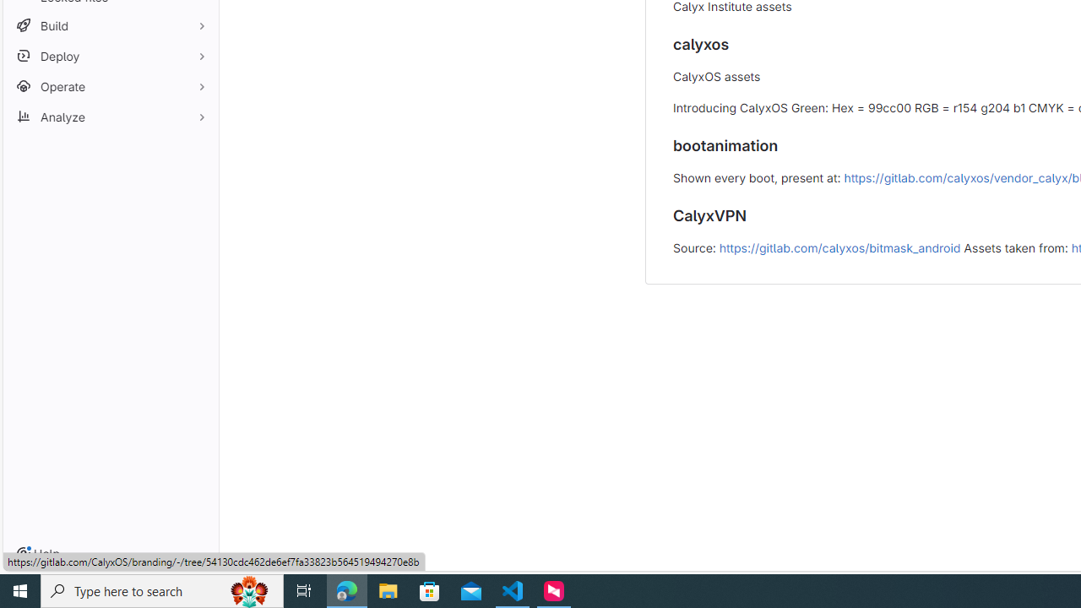 This screenshot has width=1081, height=608. What do you see at coordinates (110, 116) in the screenshot?
I see `'Analyze'` at bounding box center [110, 116].